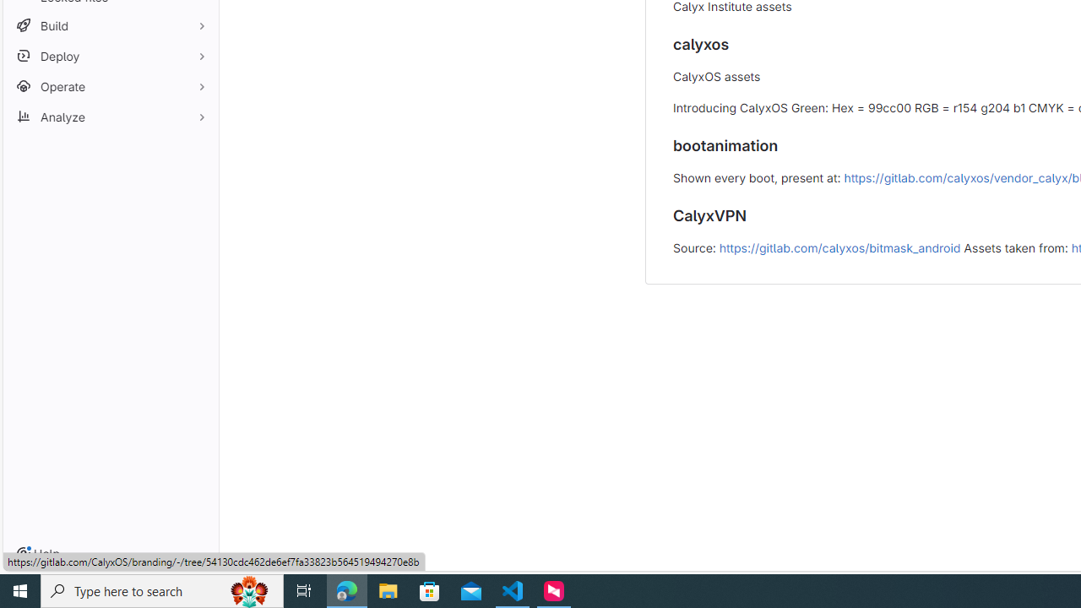 This screenshot has width=1081, height=608. What do you see at coordinates (110, 116) in the screenshot?
I see `'Analyze'` at bounding box center [110, 116].